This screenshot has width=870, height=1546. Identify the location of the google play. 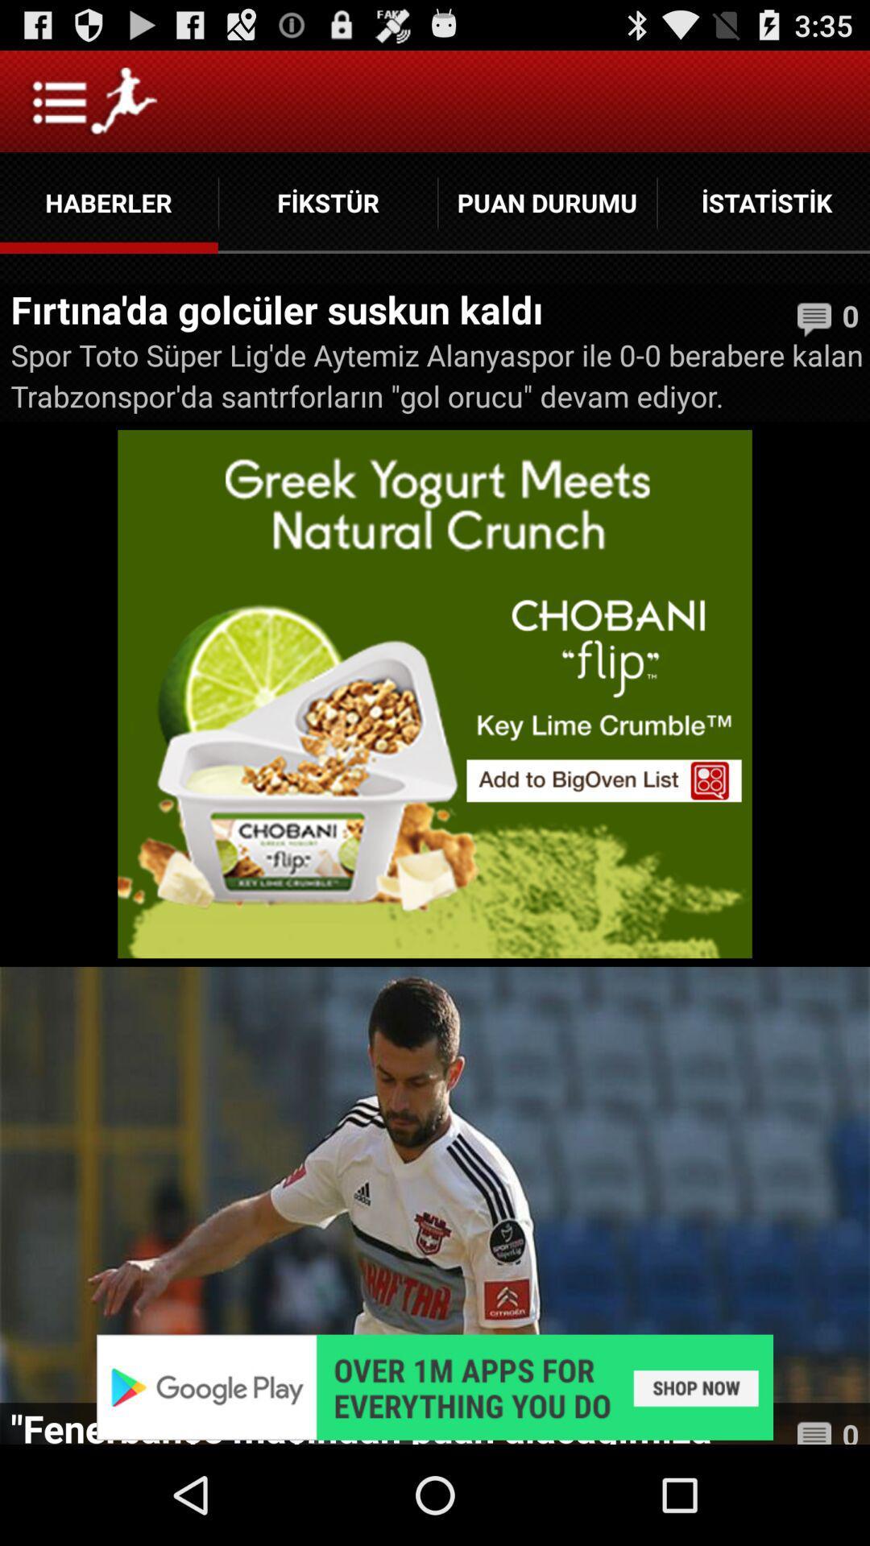
(435, 1387).